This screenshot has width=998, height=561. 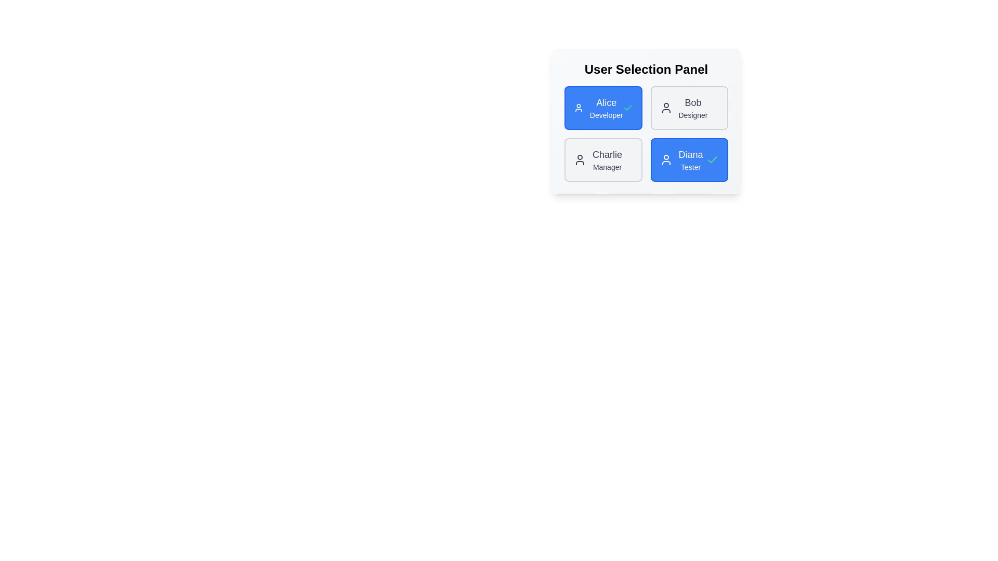 What do you see at coordinates (689, 108) in the screenshot?
I see `the user chip corresponding to Bob` at bounding box center [689, 108].